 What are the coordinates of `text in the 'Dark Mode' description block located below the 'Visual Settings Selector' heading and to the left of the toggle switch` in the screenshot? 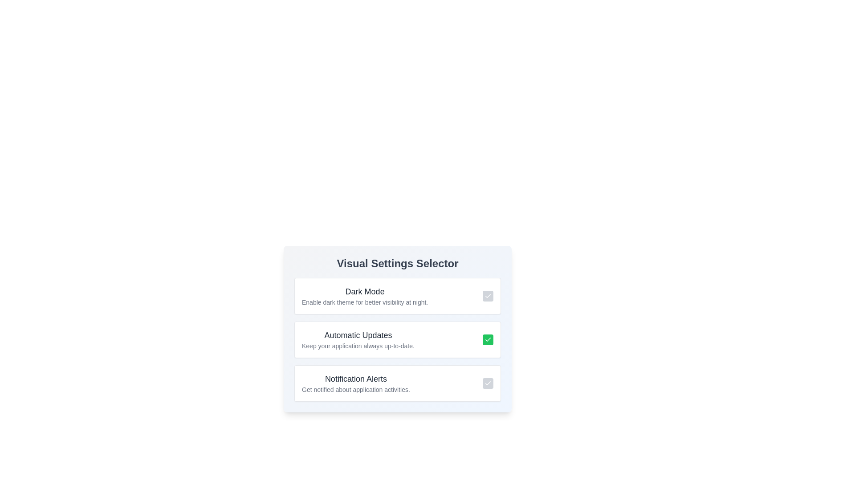 It's located at (365, 296).